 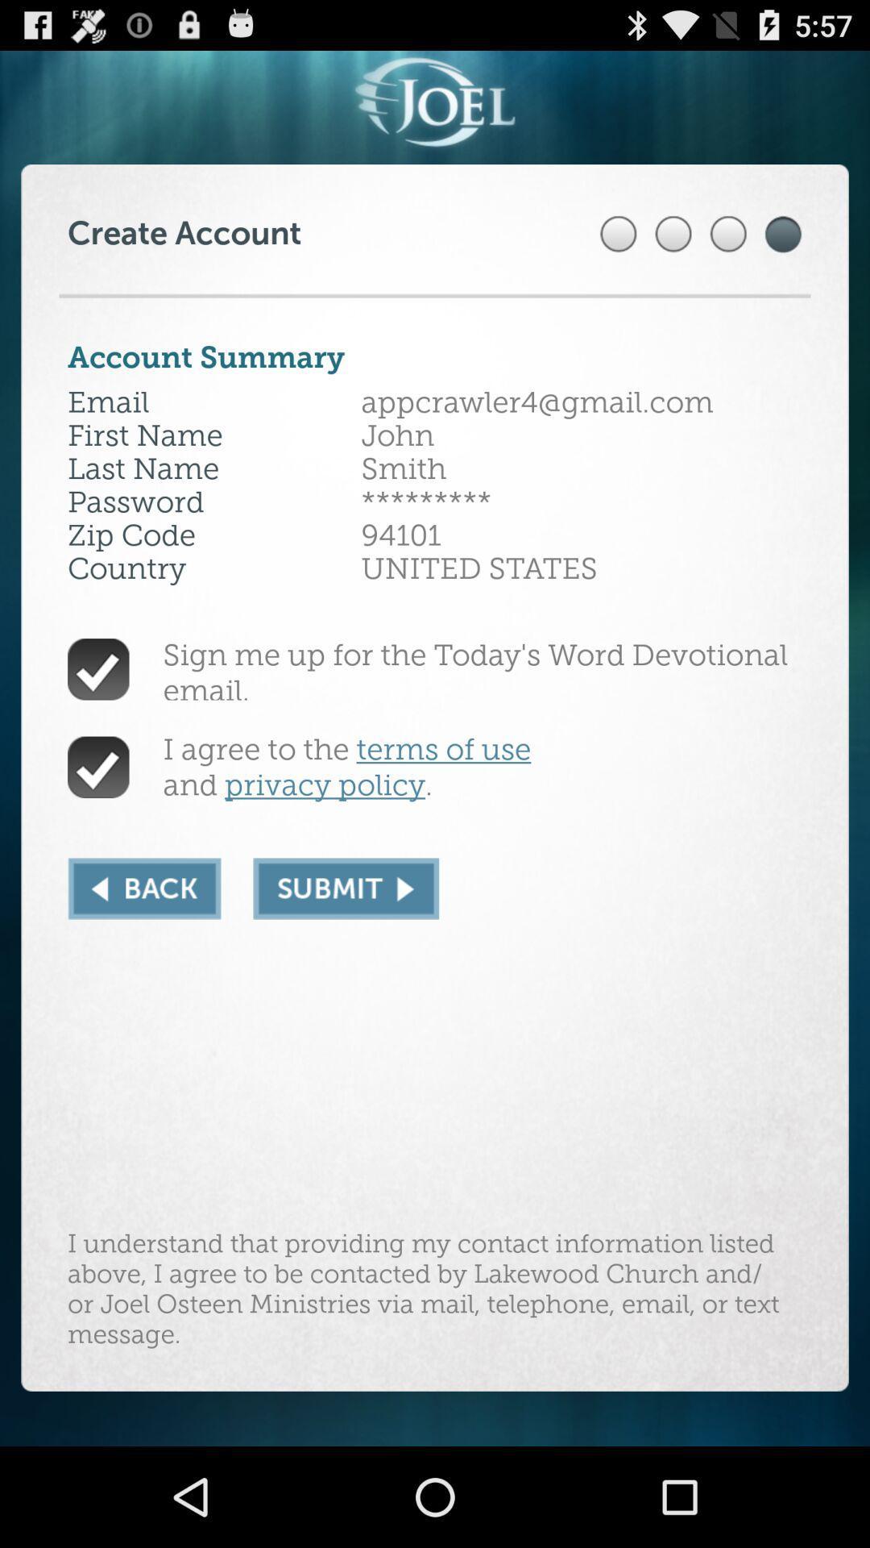 I want to click on the highlighted area allows one to sign up for the daily devotional, so click(x=345, y=888).